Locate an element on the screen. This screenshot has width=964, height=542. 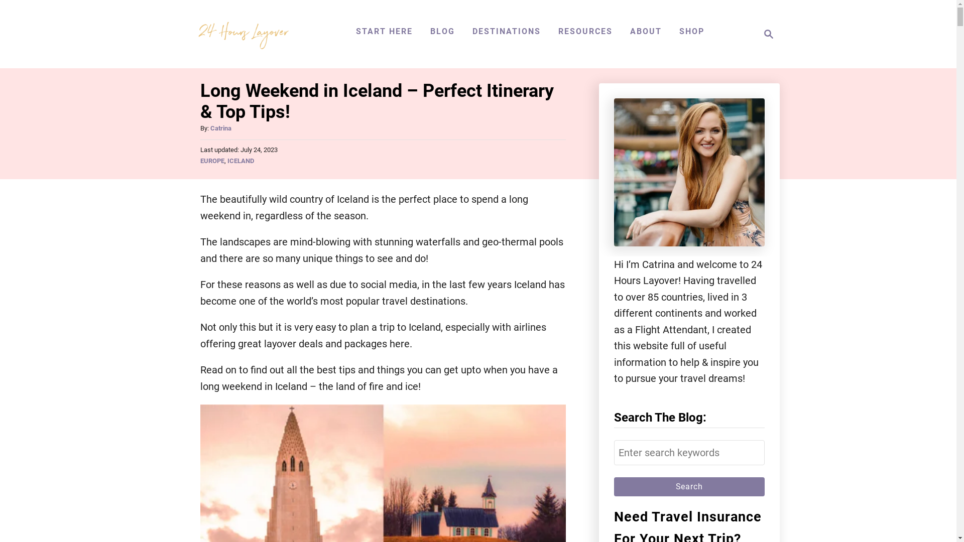
'ABOUT' is located at coordinates (645, 31).